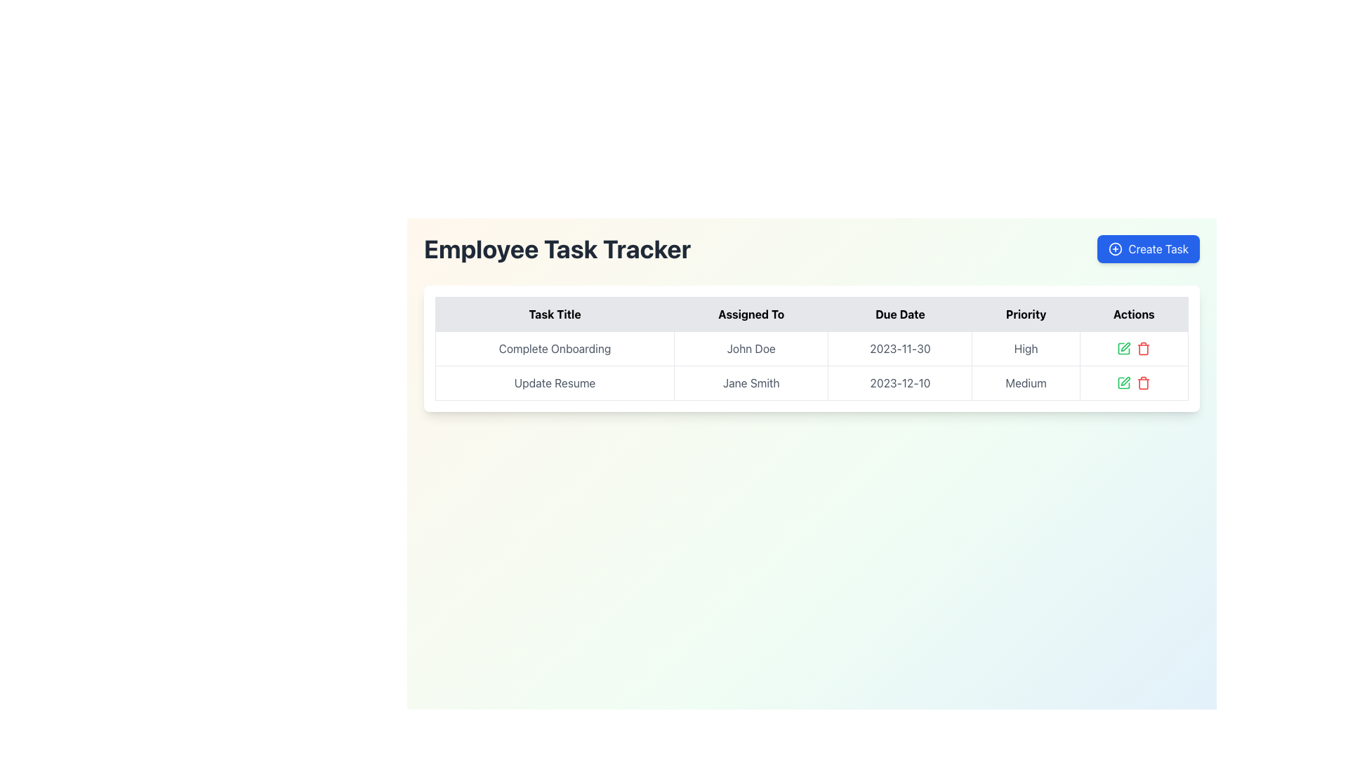 This screenshot has height=758, width=1348. Describe the element at coordinates (554, 348) in the screenshot. I see `the Text Display element that shows the task title in the first row of the table under the 'Task Title' column` at that location.